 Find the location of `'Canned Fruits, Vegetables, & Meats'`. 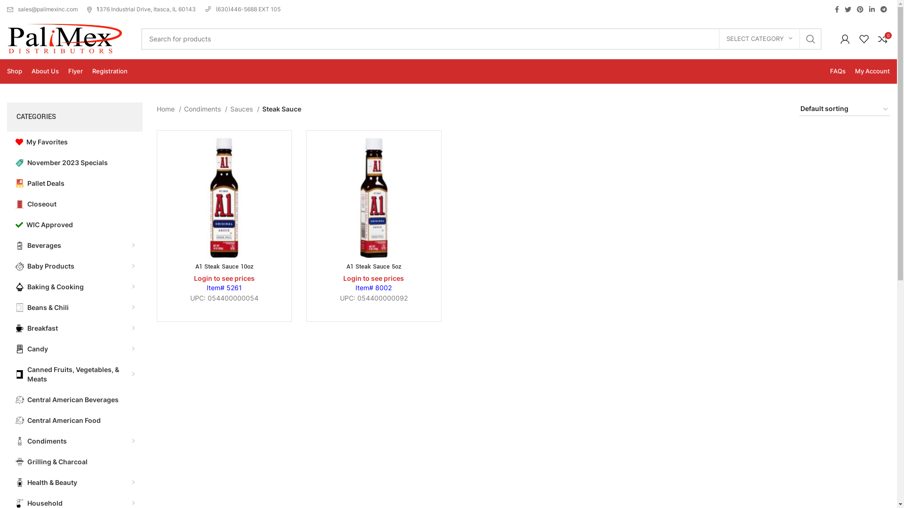

'Canned Fruits, Vegetables, & Meats' is located at coordinates (74, 373).